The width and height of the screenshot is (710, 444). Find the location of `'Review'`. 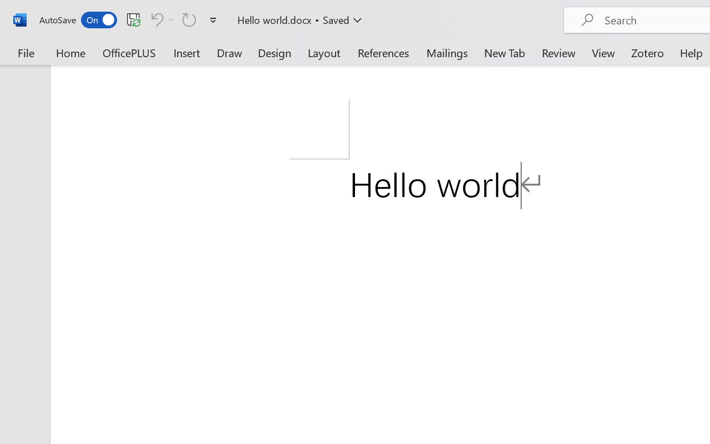

'Review' is located at coordinates (559, 52).